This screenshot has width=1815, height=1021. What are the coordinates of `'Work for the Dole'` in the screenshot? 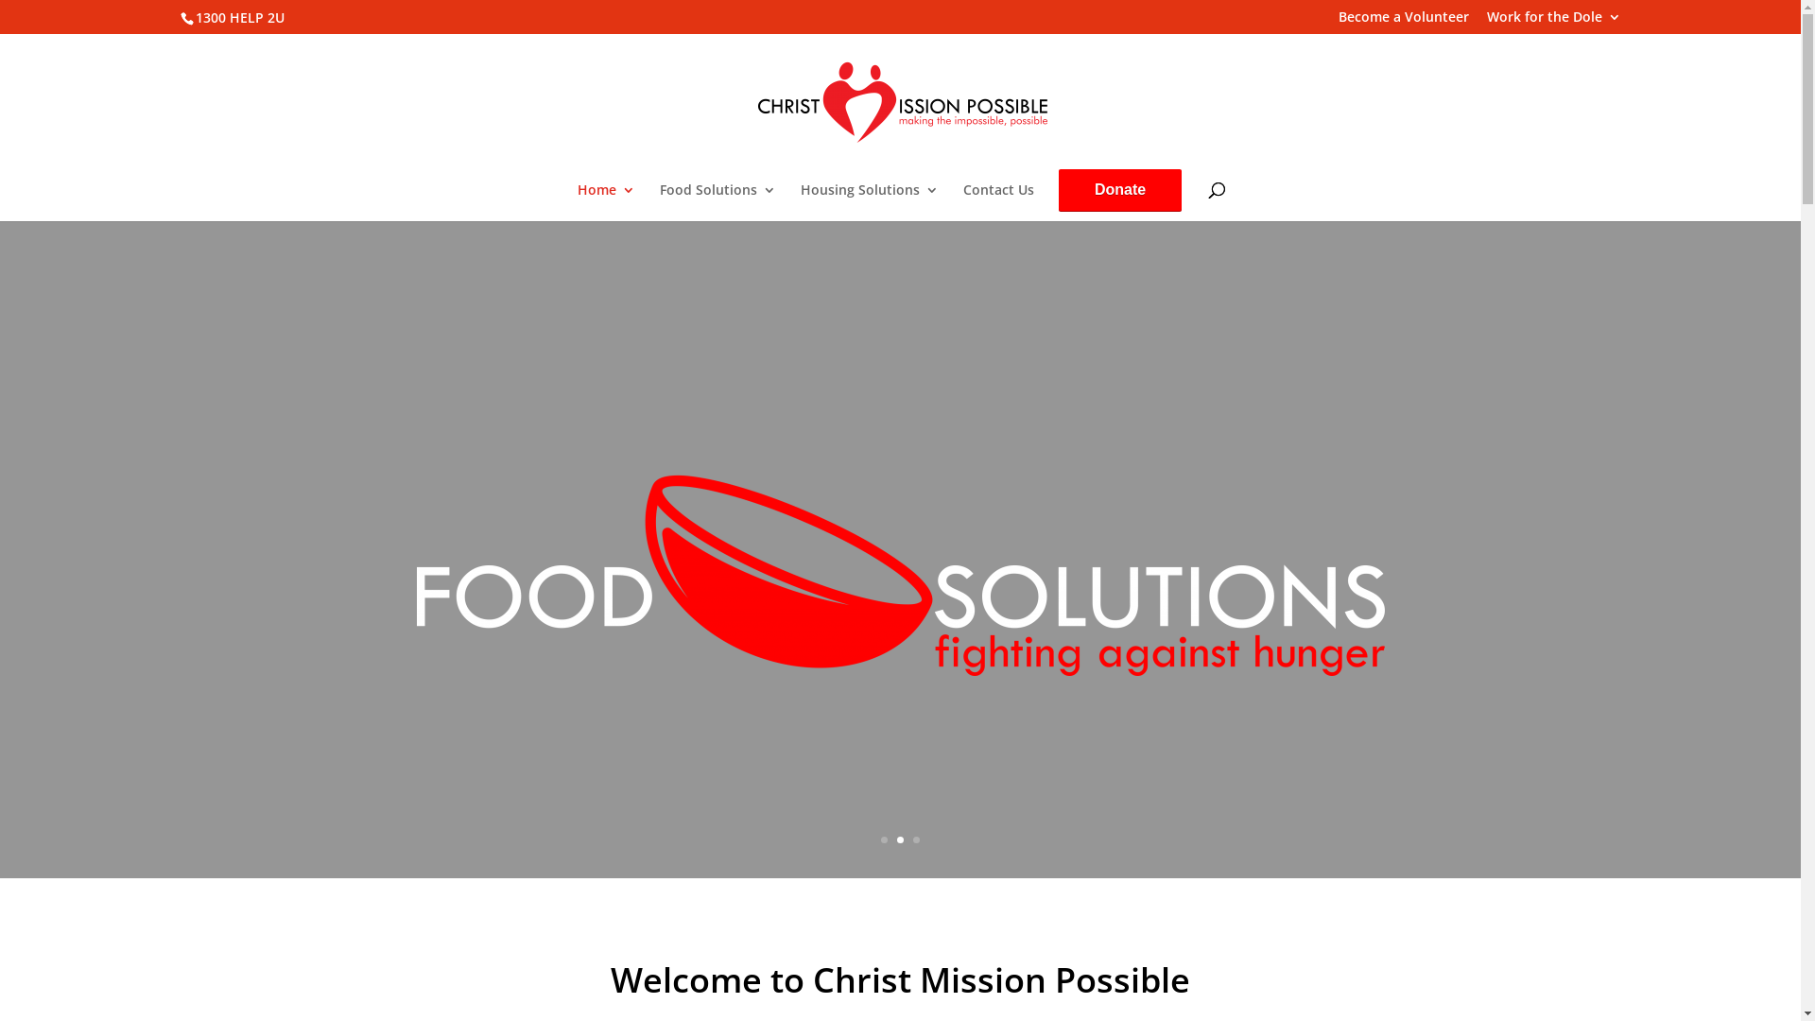 It's located at (1552, 21).